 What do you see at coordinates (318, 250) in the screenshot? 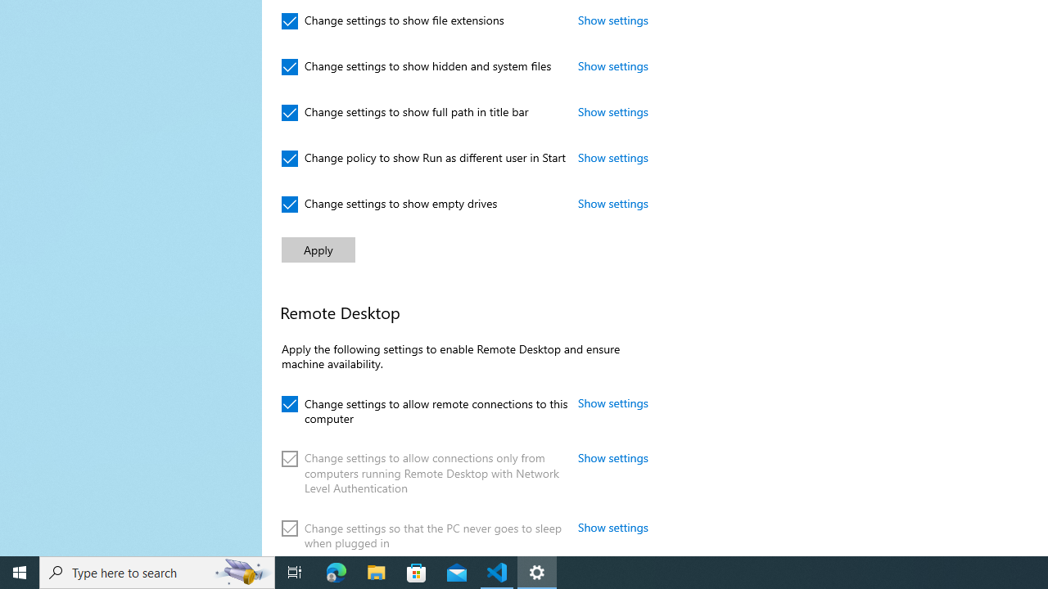
I see `'Apply'` at bounding box center [318, 250].